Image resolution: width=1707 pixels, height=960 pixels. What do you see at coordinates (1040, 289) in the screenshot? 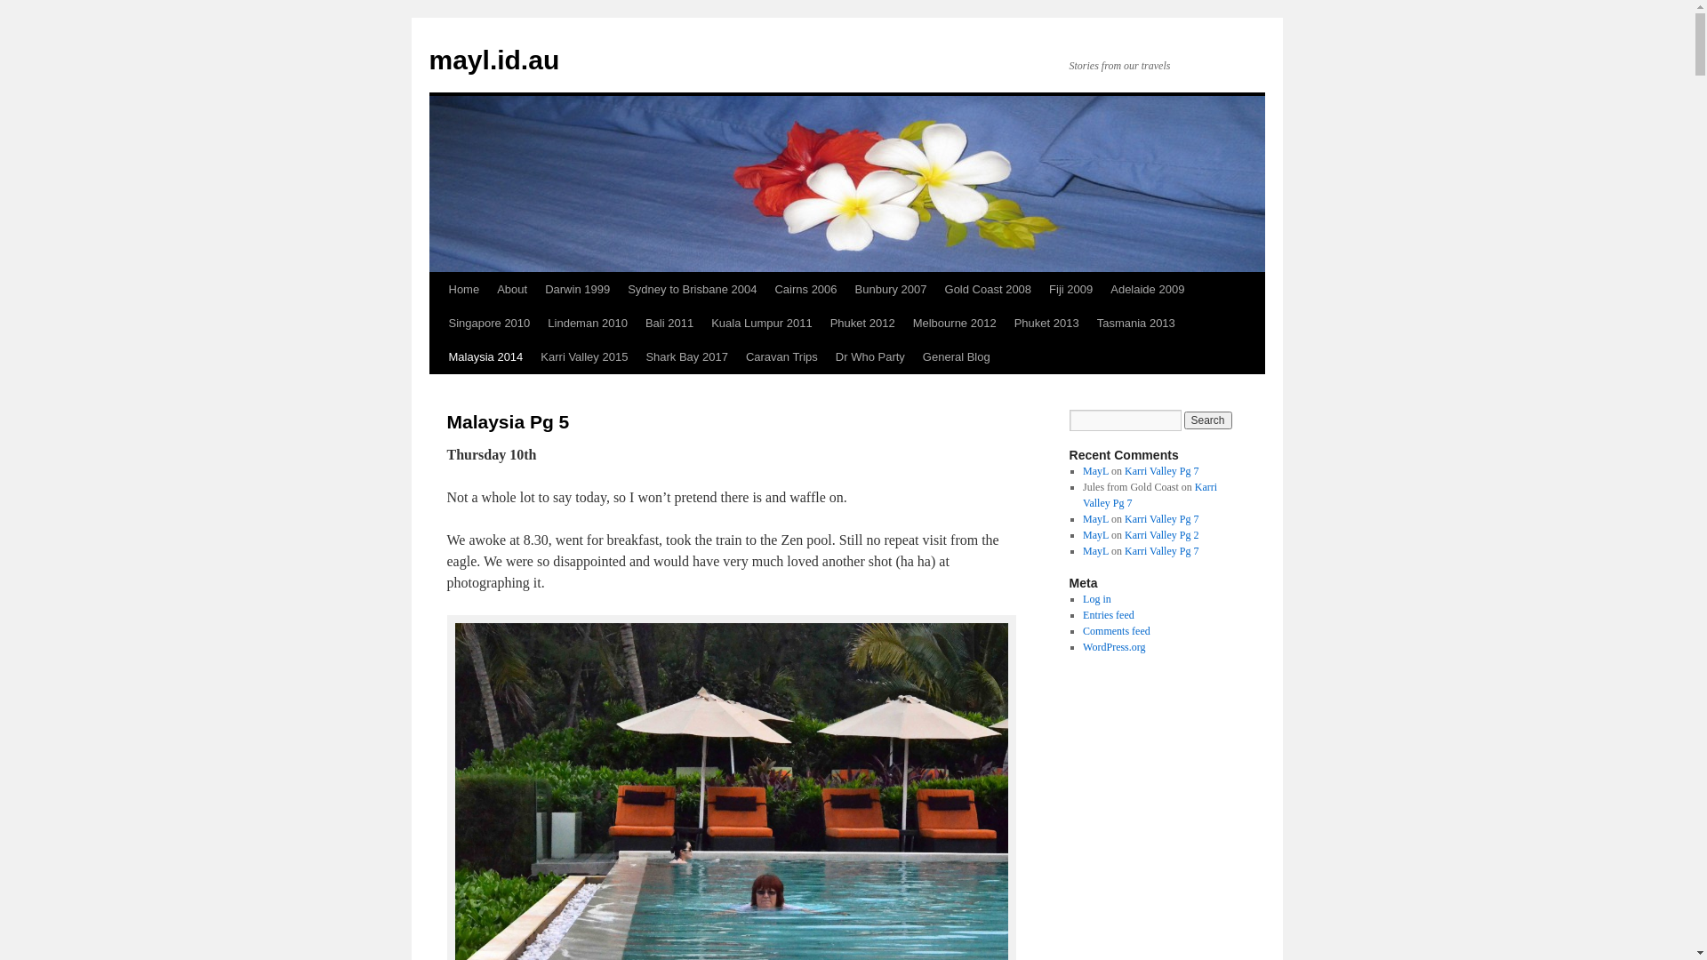
I see `'Fiji 2009'` at bounding box center [1040, 289].